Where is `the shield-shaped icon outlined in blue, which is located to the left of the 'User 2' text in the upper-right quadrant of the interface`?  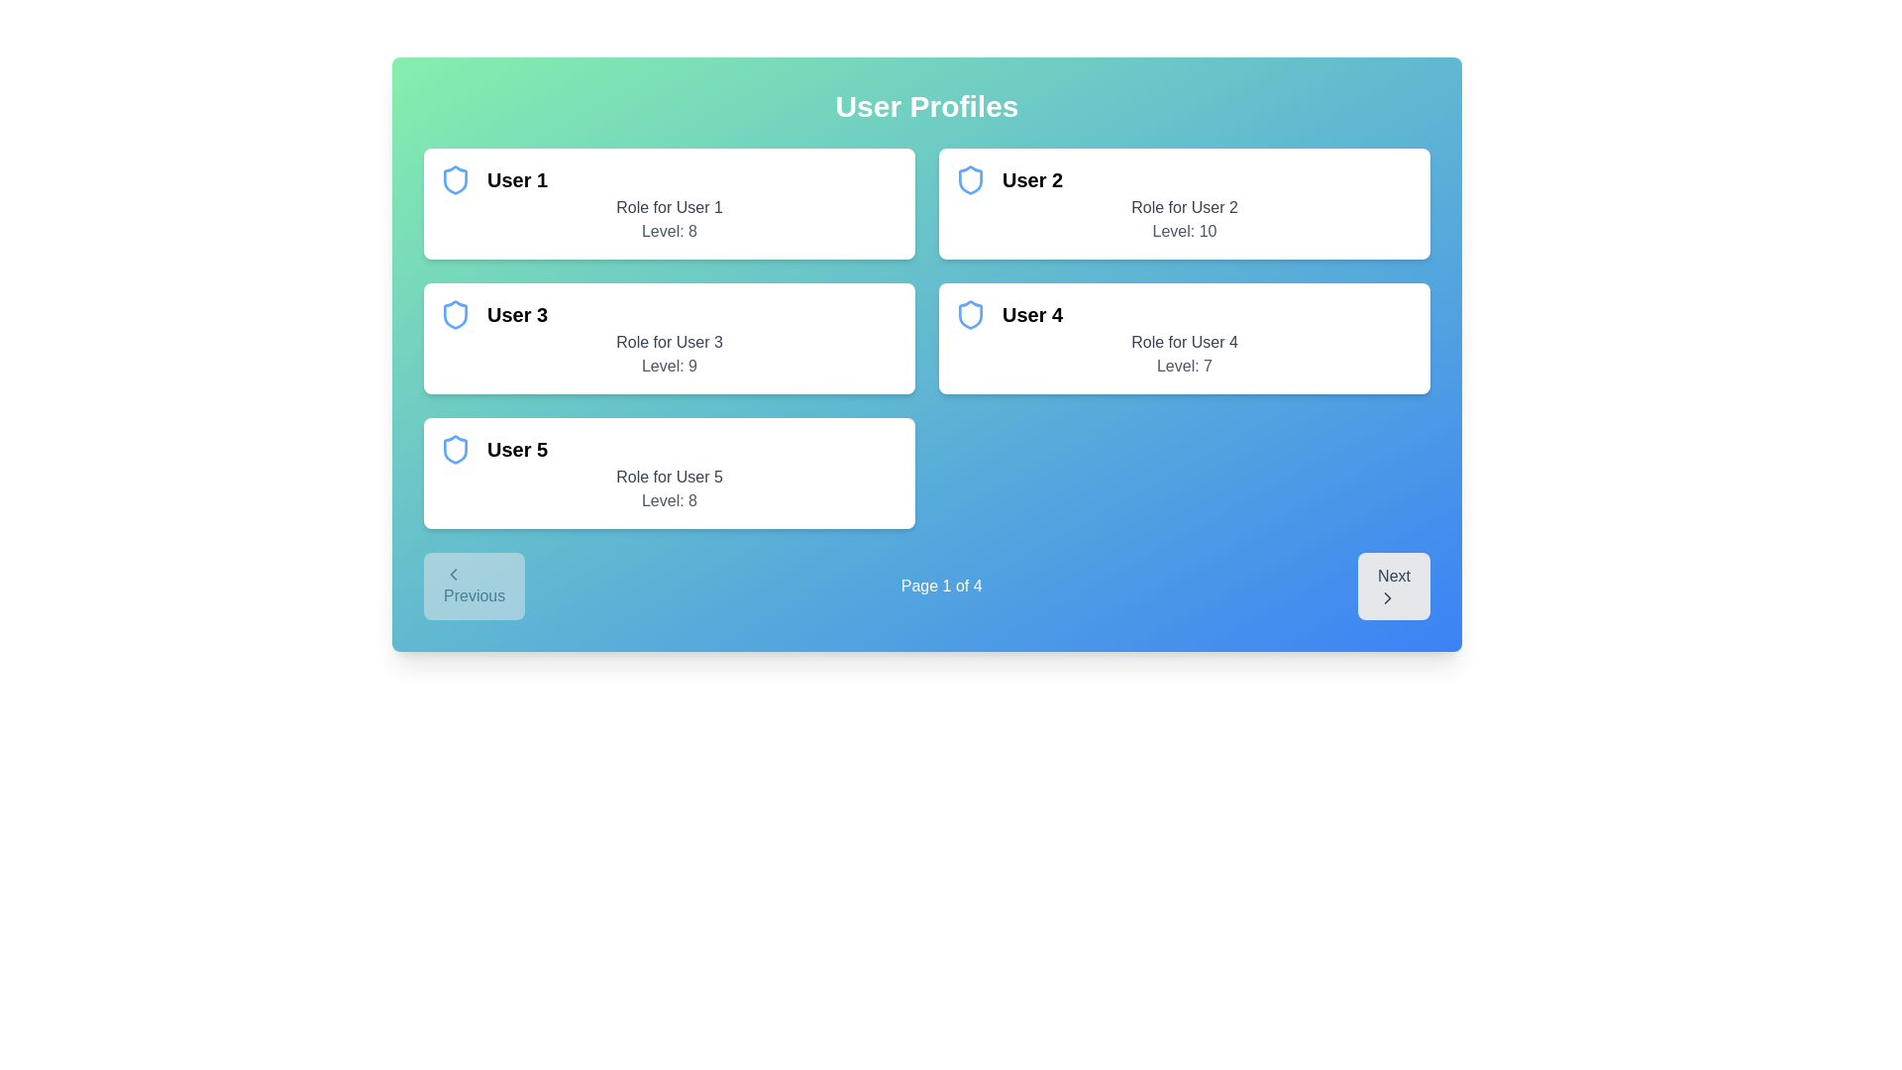
the shield-shaped icon outlined in blue, which is located to the left of the 'User 2' text in the upper-right quadrant of the interface is located at coordinates (970, 179).